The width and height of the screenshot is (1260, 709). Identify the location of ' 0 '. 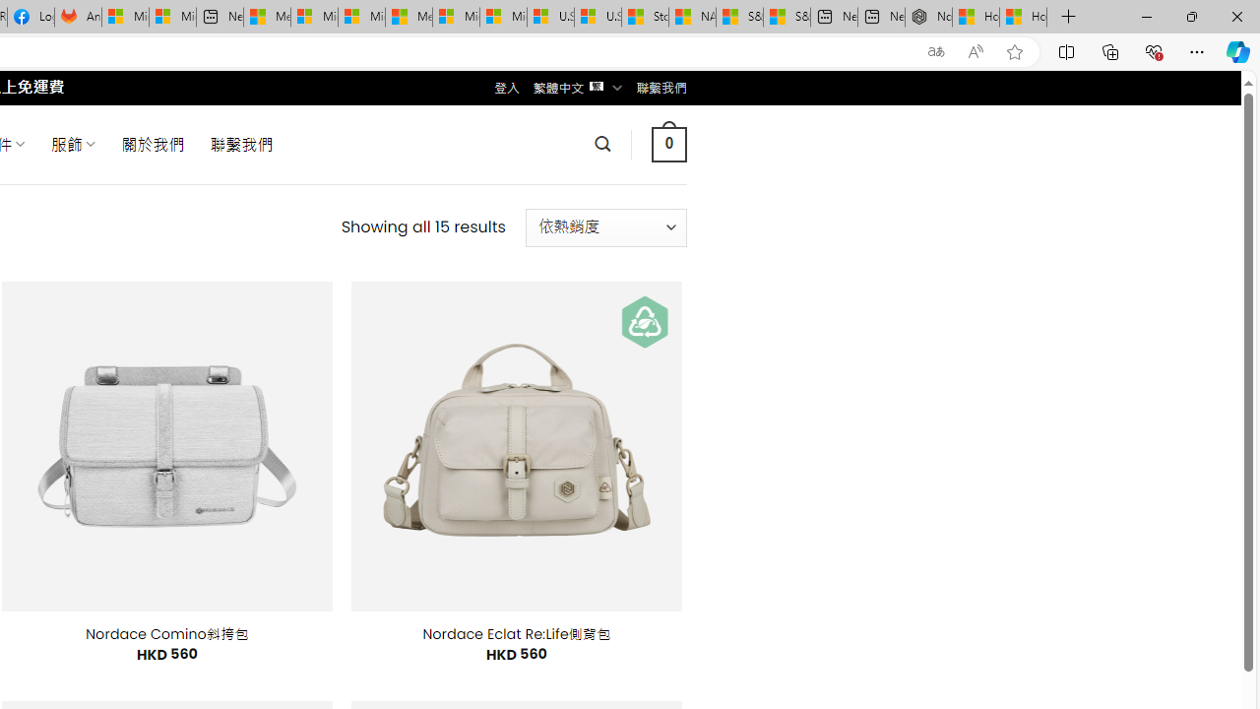
(668, 143).